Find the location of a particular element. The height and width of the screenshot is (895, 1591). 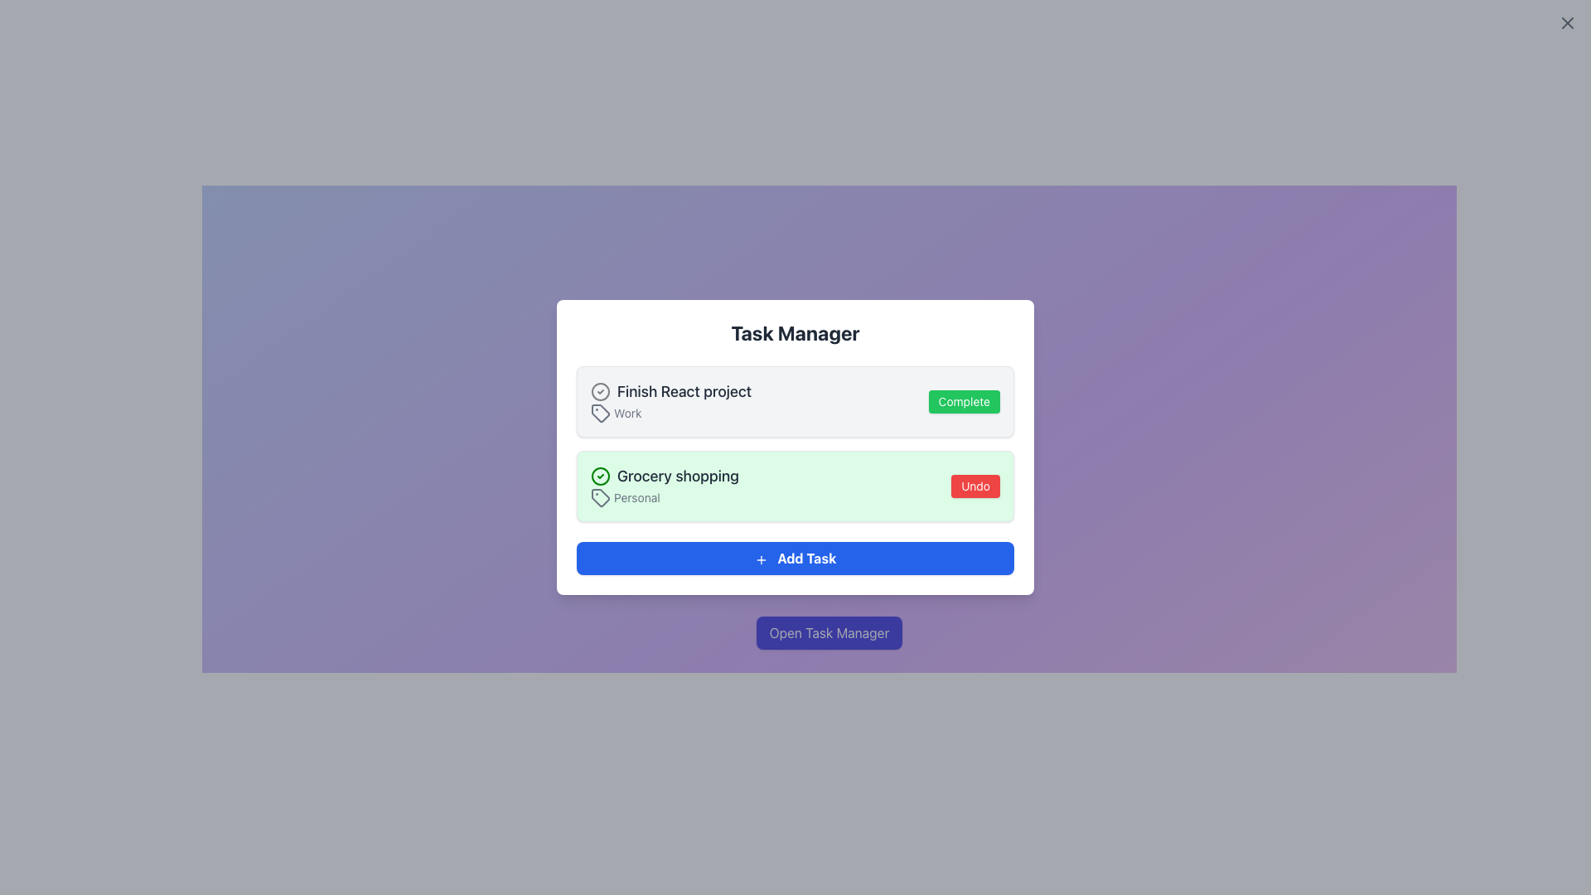

the 'Open Task Manager' button, which is a distinct rectangular button with a dark indigo background and white text, located at the bottom center of the interface below the main task management card is located at coordinates (829, 632).